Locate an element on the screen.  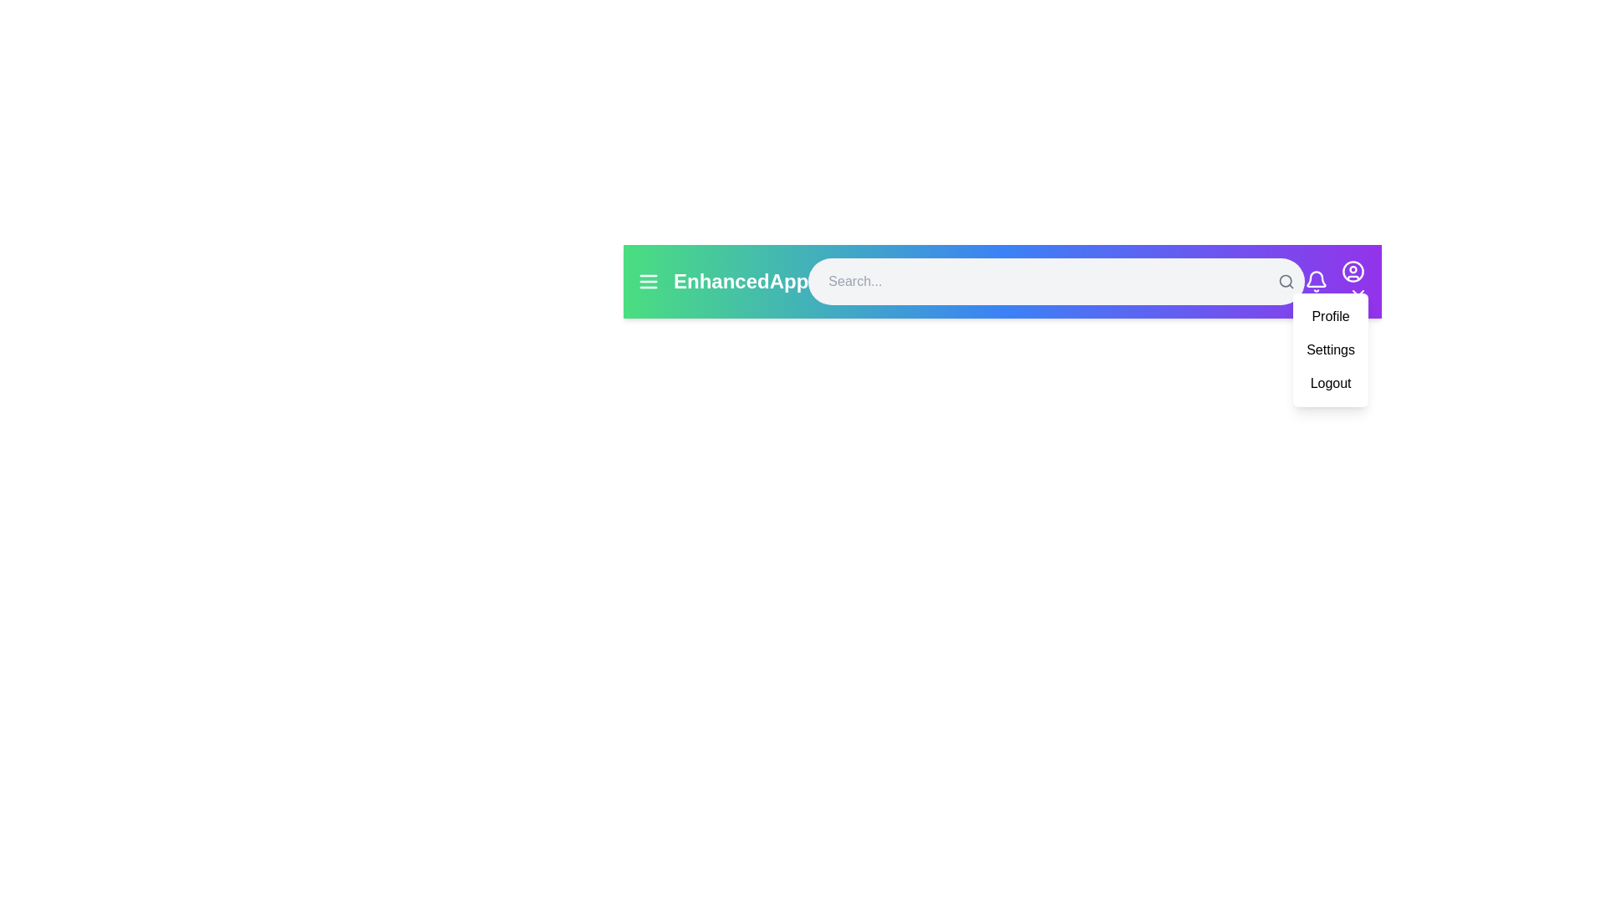
the Settings option from the user menu is located at coordinates (1330, 349).